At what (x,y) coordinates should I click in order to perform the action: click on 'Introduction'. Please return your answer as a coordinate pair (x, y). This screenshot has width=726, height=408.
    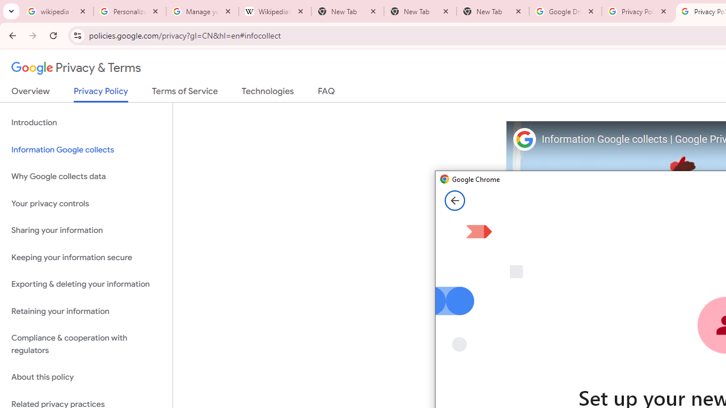
    Looking at the image, I should click on (86, 123).